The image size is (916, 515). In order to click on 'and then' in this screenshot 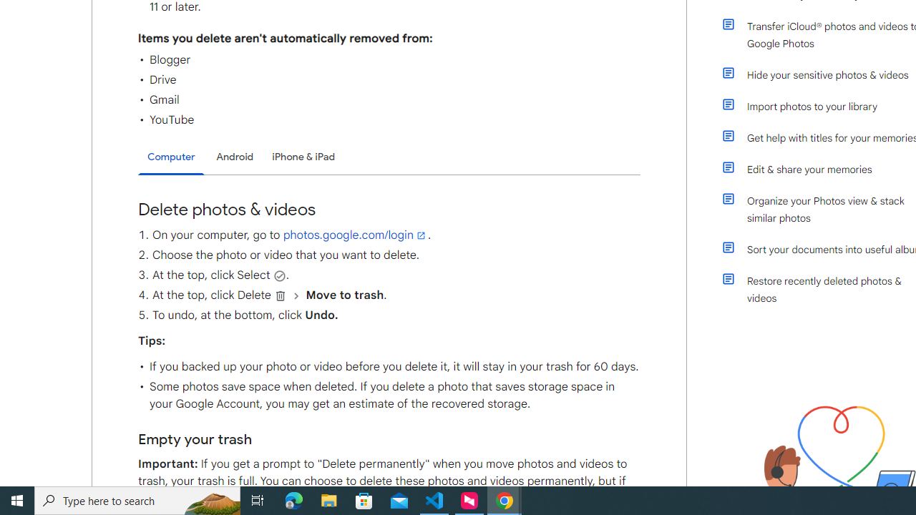, I will do `click(296, 295)`.